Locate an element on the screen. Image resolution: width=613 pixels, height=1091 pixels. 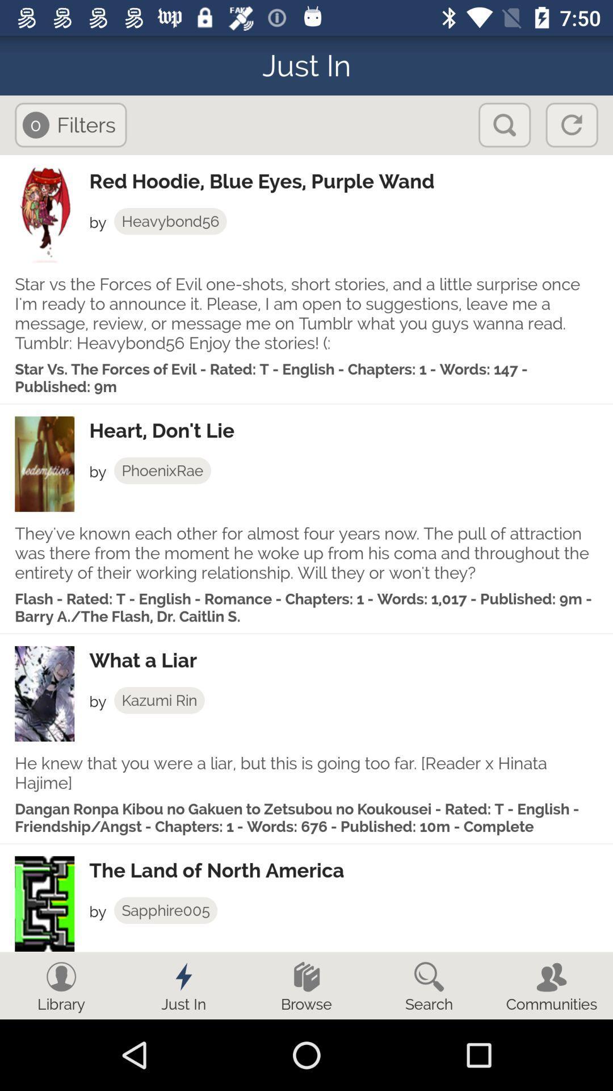
the icon above they ve known is located at coordinates (162, 470).